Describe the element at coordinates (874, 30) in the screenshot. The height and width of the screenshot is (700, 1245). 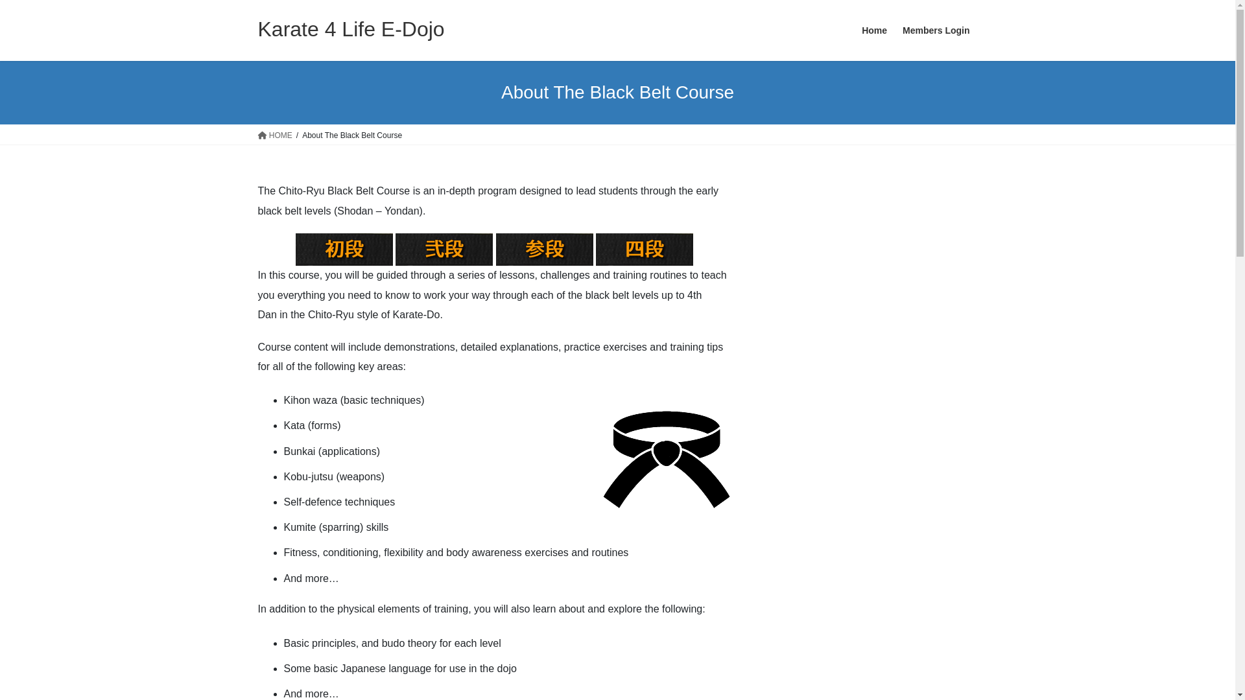
I see `'Home'` at that location.